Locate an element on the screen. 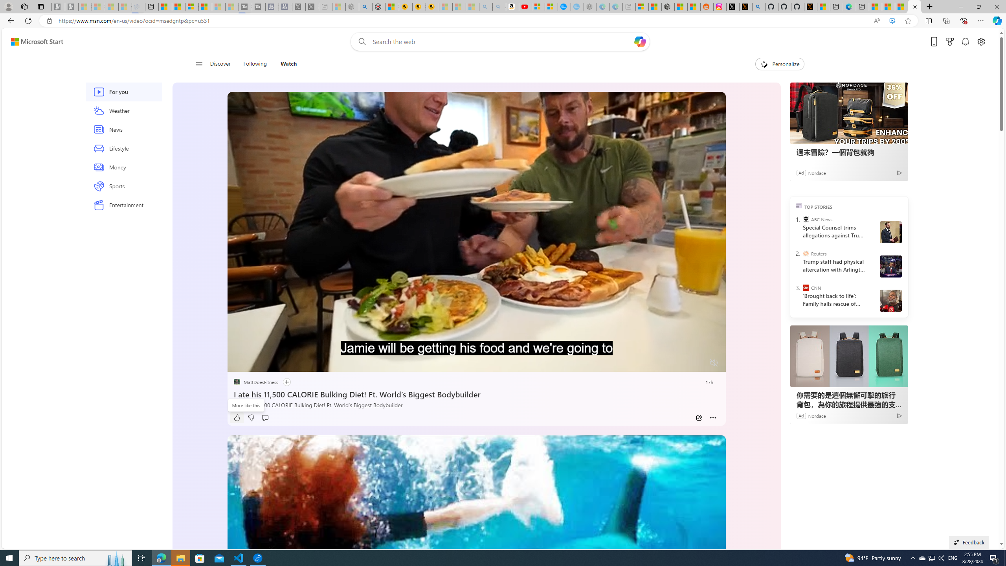 The height and width of the screenshot is (566, 1006). 'The most popular Google ' is located at coordinates (577, 6).